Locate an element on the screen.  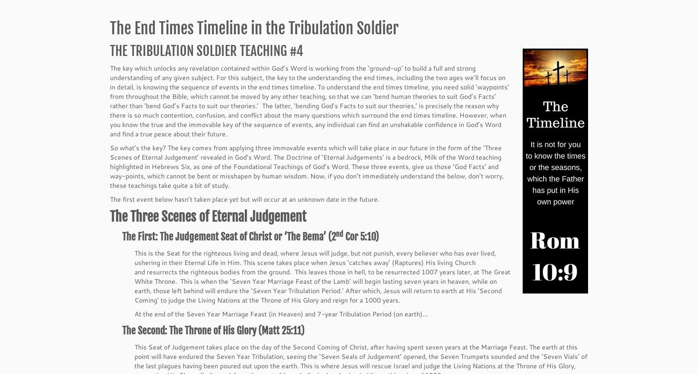
'The first event below hasn’t taken place yet but will occur at an unknown date in the future.' is located at coordinates (110, 200).